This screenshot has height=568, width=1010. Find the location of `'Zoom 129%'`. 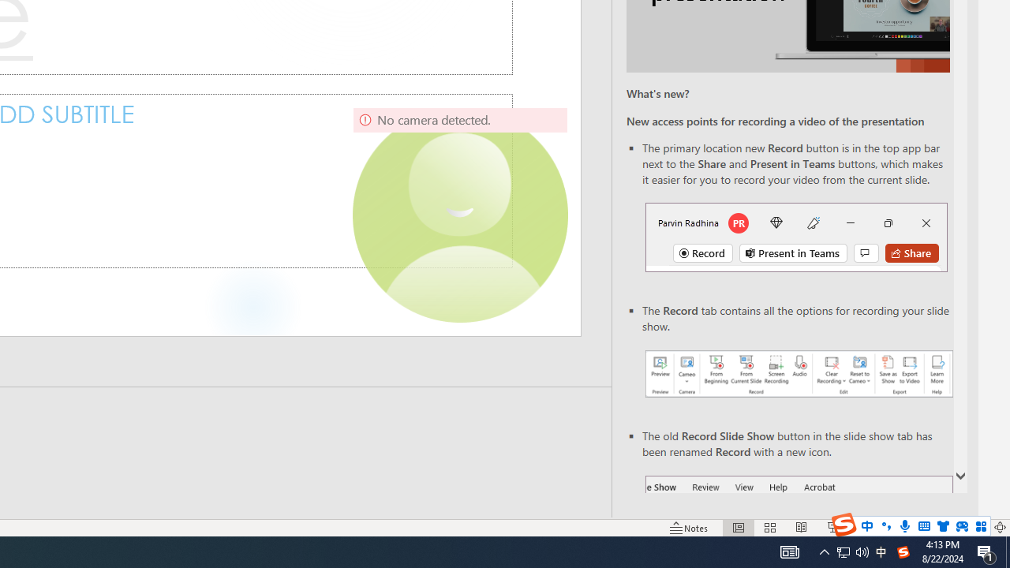

'Zoom 129%' is located at coordinates (973, 528).